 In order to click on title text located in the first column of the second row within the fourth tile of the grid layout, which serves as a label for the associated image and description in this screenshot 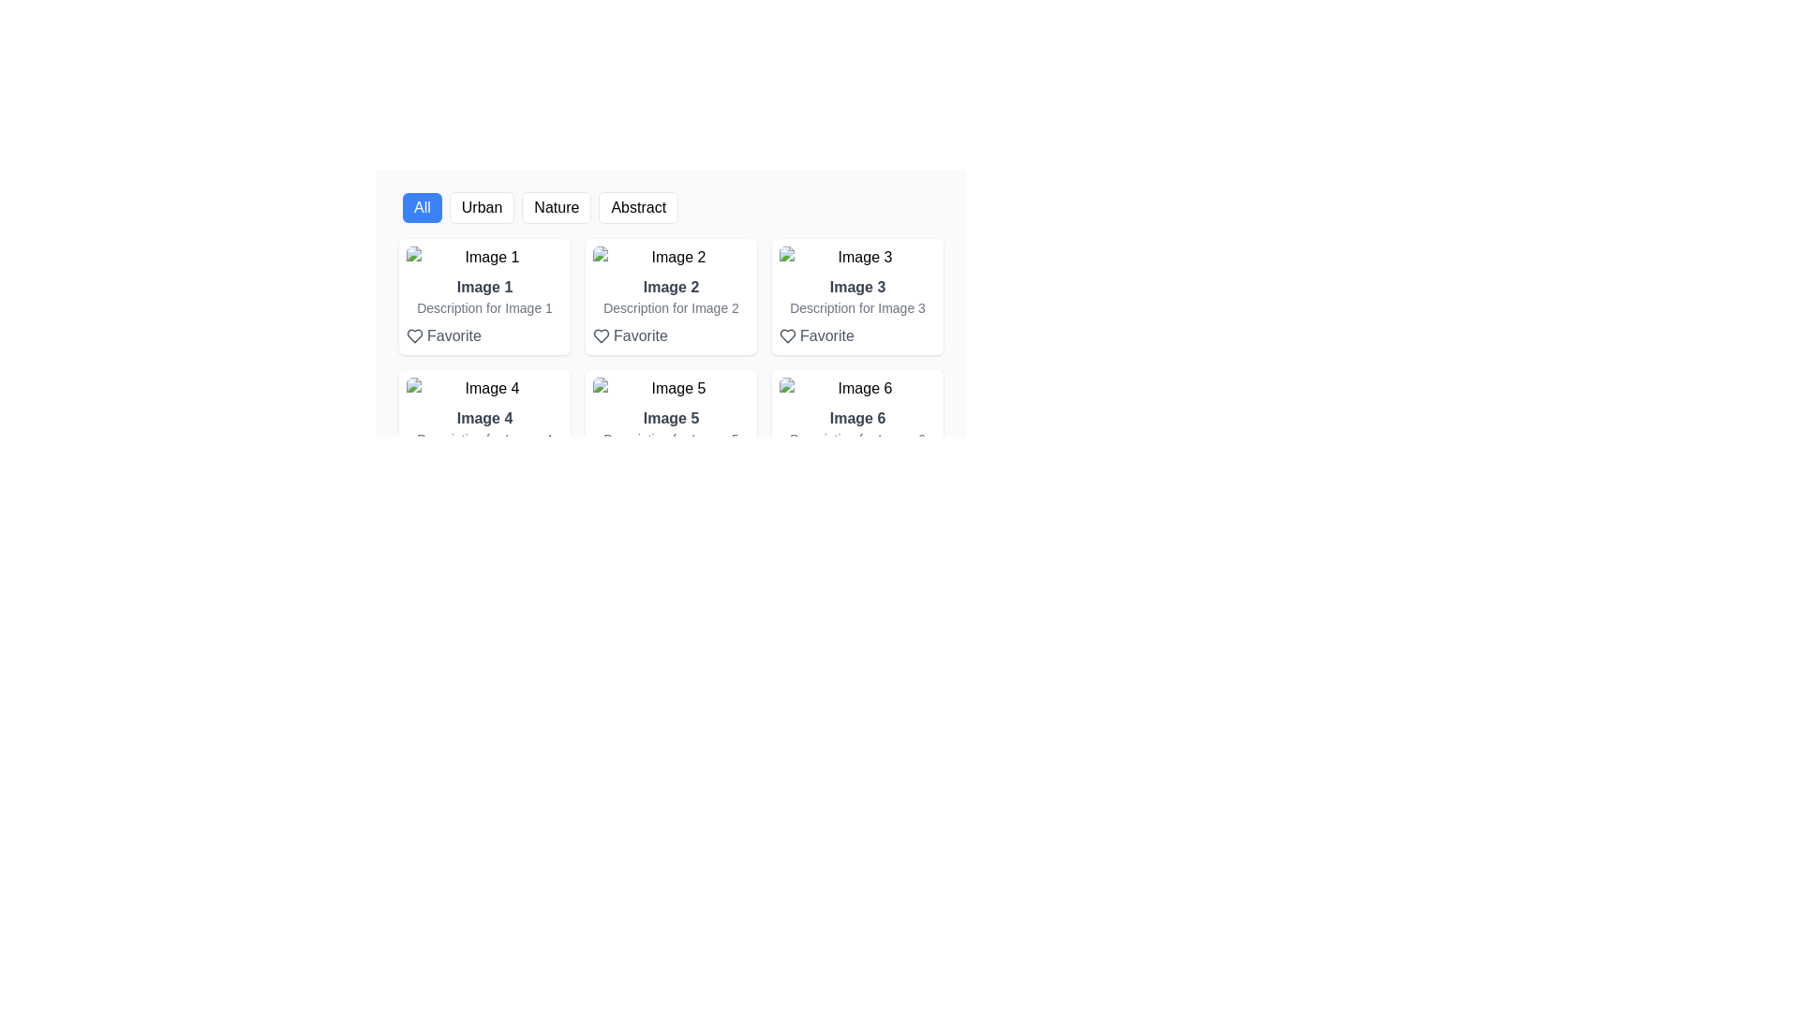, I will do `click(484, 418)`.